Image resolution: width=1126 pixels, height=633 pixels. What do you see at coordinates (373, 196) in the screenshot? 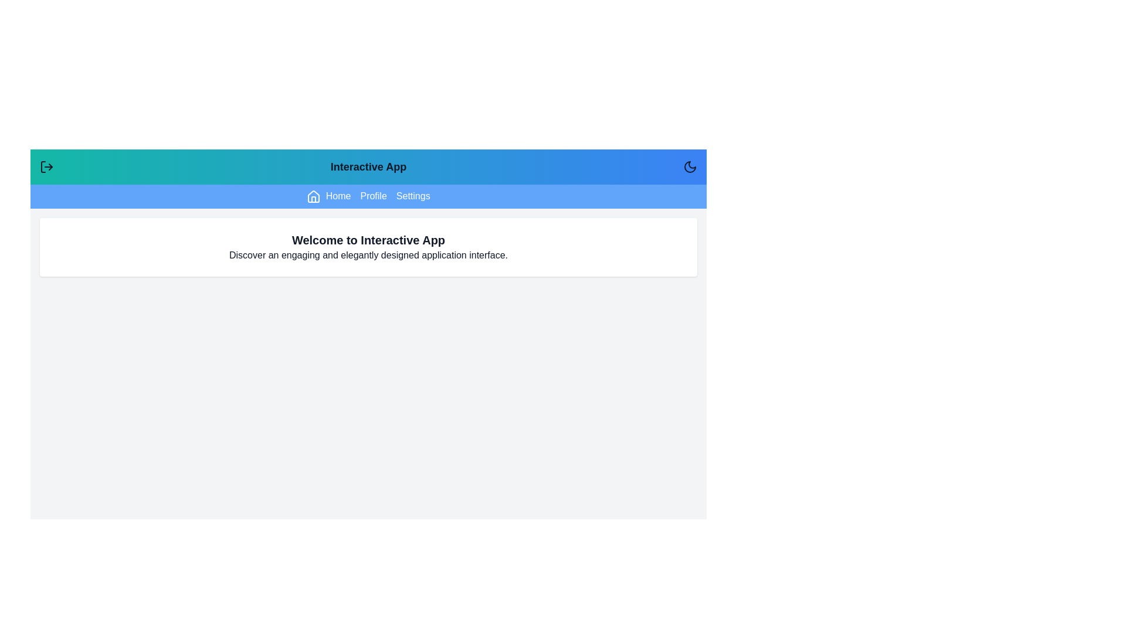
I see `the Profile button in the navigation bar to navigate to the Profile section` at bounding box center [373, 196].